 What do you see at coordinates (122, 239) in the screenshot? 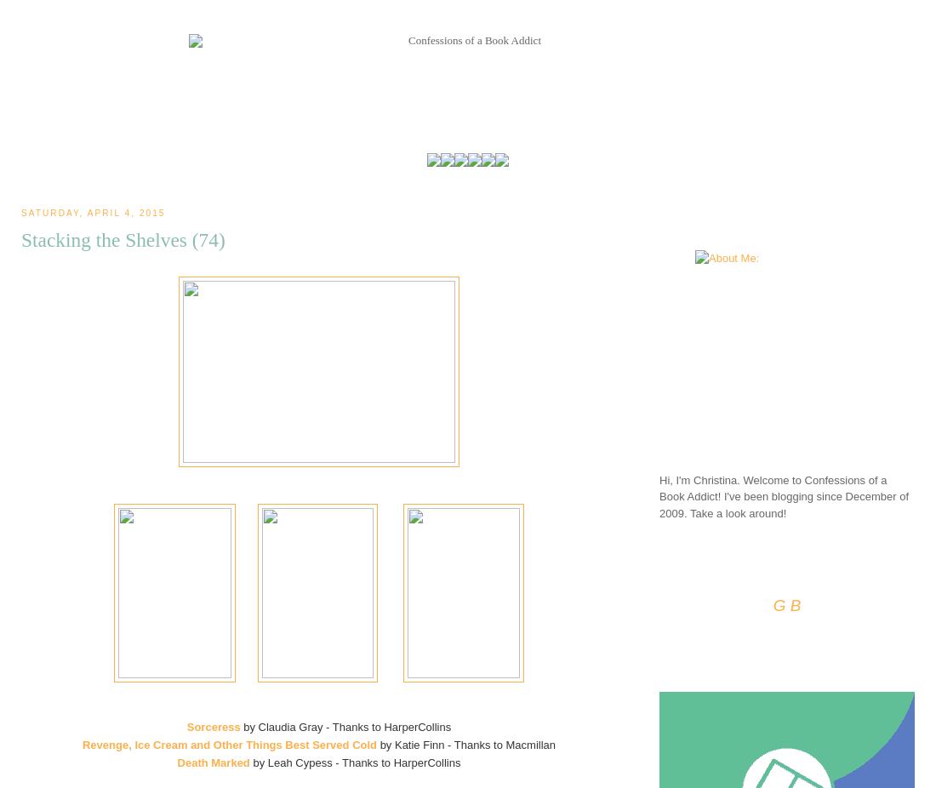
I see `'Stacking the Shelves (74)'` at bounding box center [122, 239].